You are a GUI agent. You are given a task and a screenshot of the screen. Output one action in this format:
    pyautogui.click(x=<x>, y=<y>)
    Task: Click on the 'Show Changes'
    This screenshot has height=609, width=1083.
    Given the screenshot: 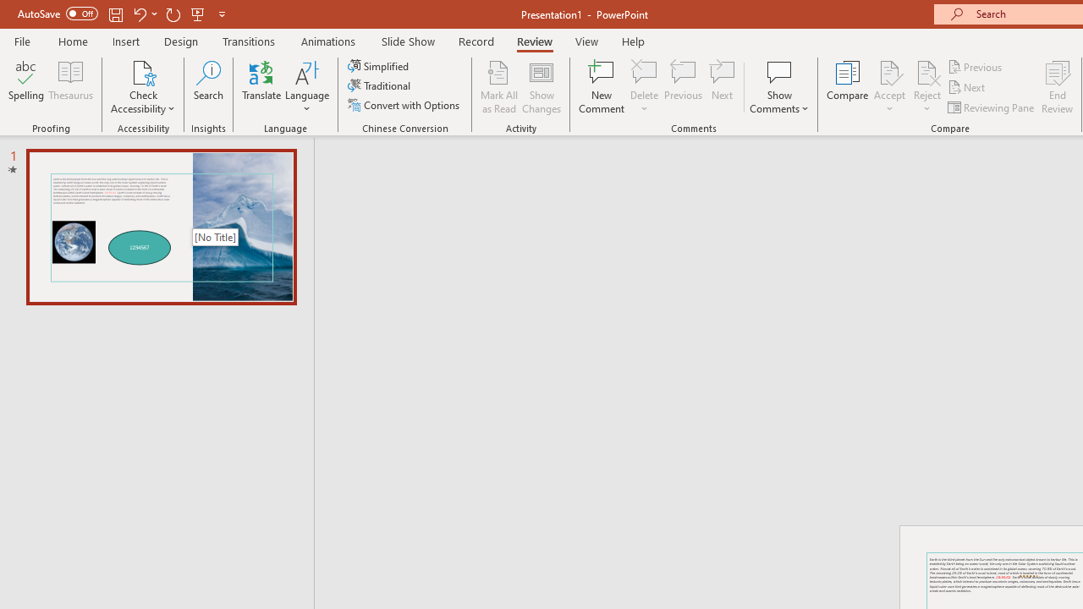 What is the action you would take?
    pyautogui.click(x=541, y=87)
    